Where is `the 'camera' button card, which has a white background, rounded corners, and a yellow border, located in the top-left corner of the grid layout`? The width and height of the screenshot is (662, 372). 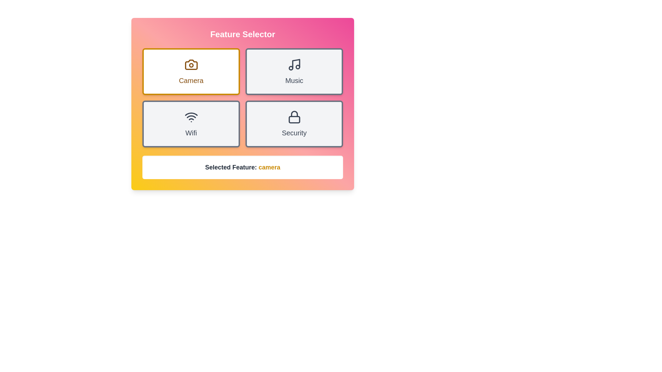
the 'camera' button card, which has a white background, rounded corners, and a yellow border, located in the top-left corner of the grid layout is located at coordinates (191, 72).